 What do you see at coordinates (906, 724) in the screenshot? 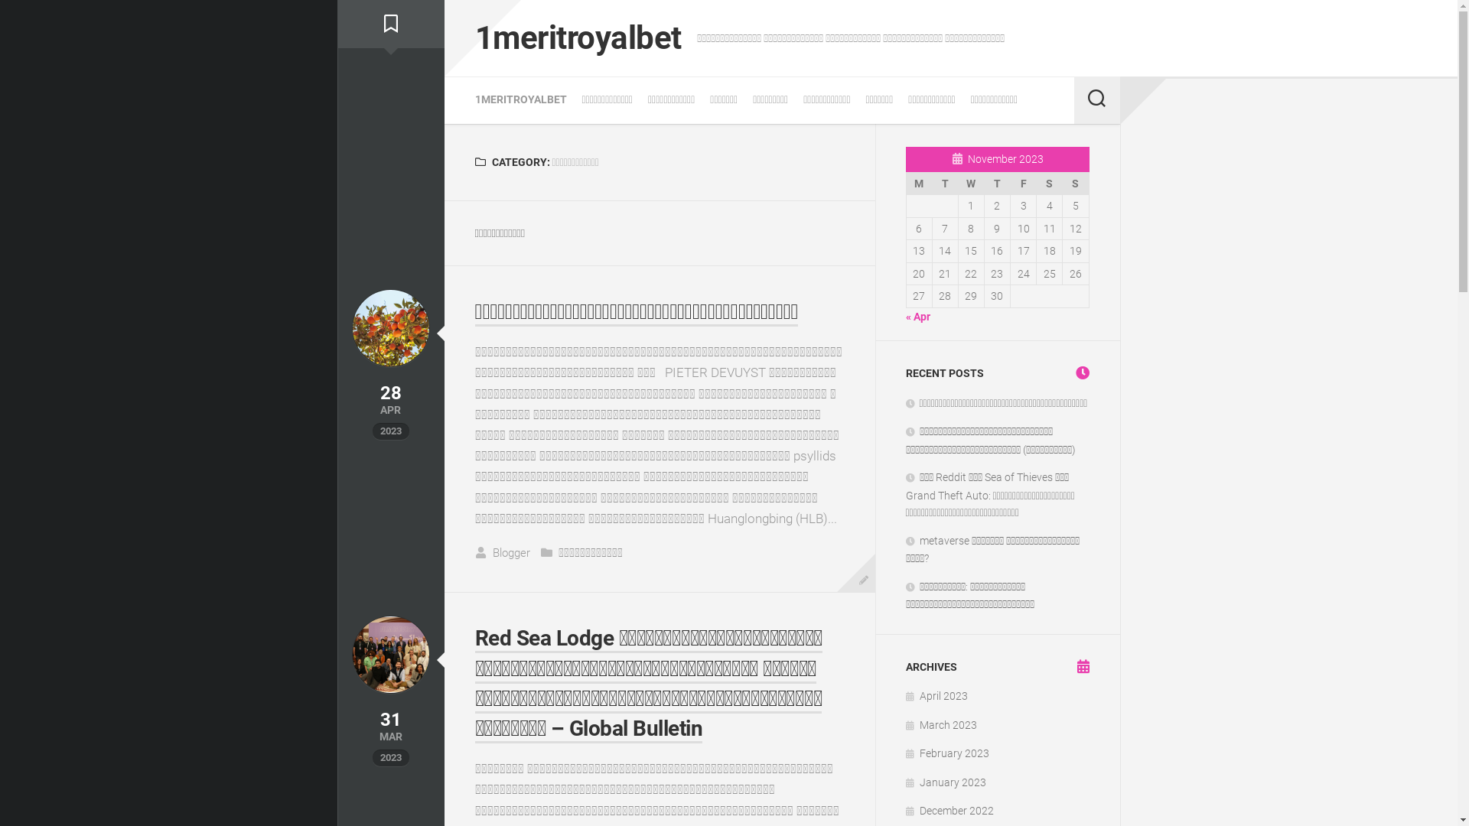
I see `'March 2023'` at bounding box center [906, 724].